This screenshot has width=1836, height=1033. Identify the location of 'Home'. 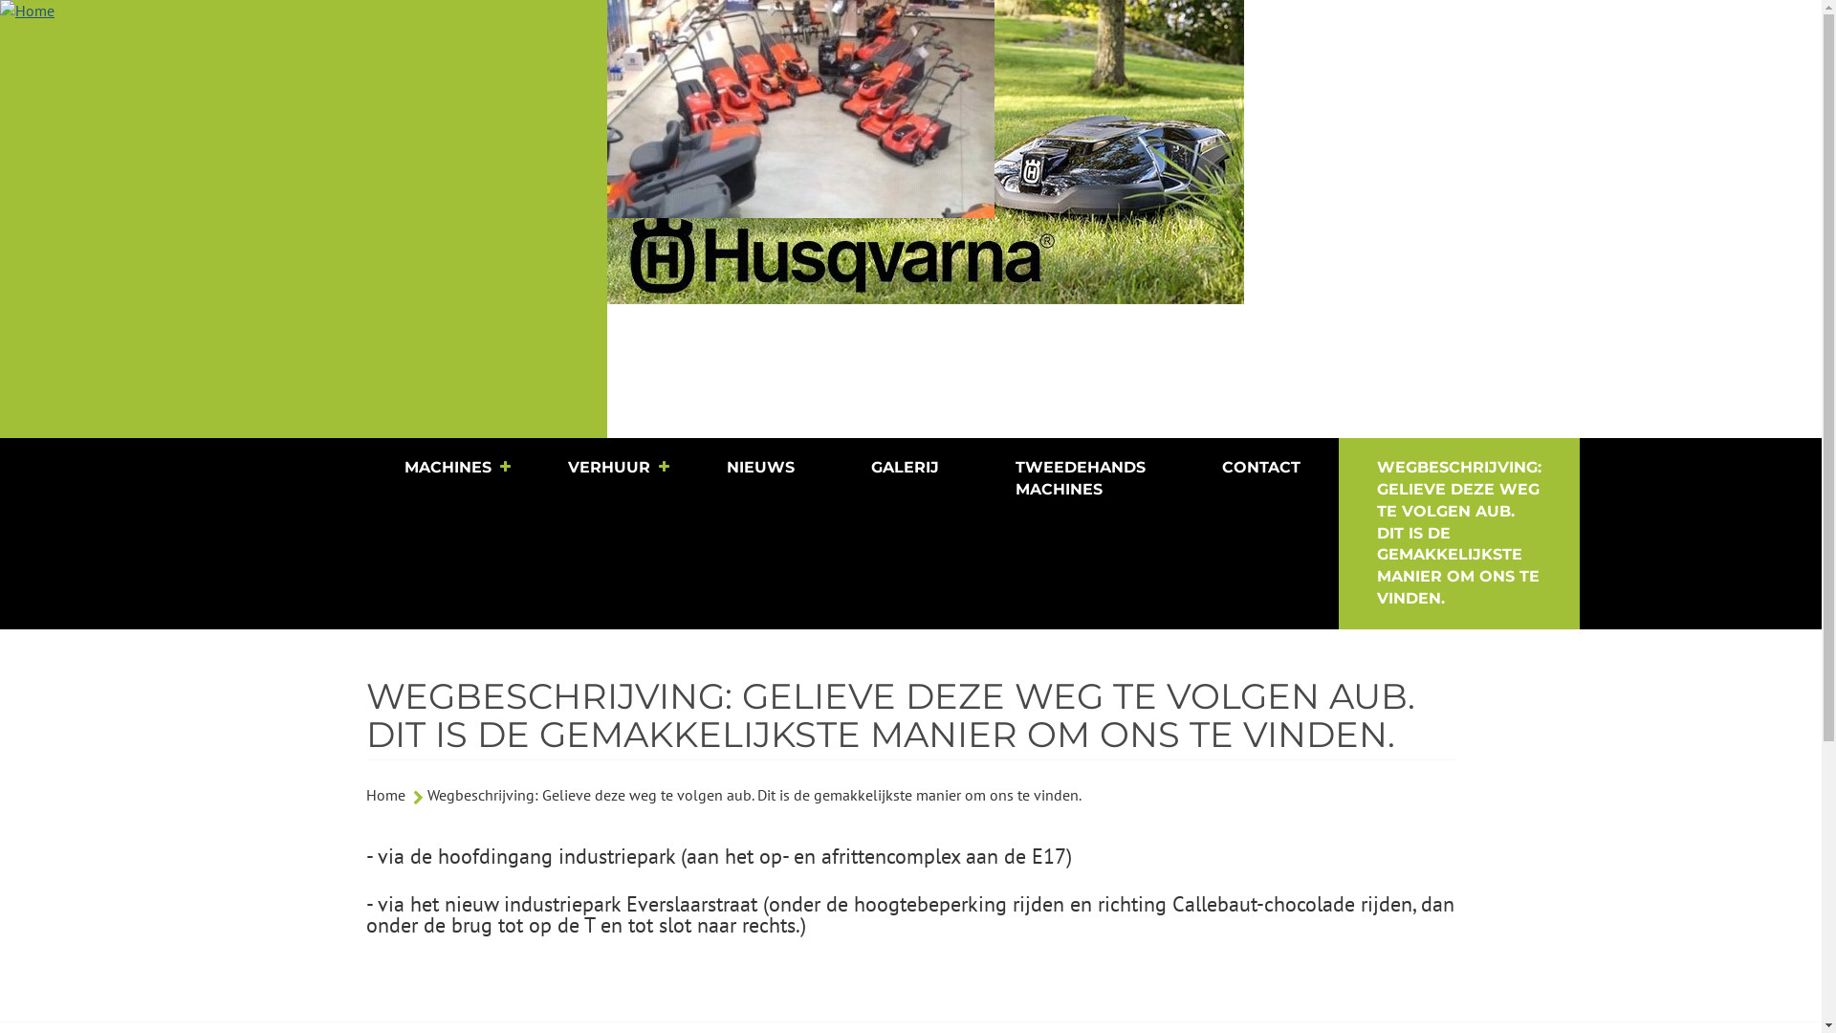
(383, 794).